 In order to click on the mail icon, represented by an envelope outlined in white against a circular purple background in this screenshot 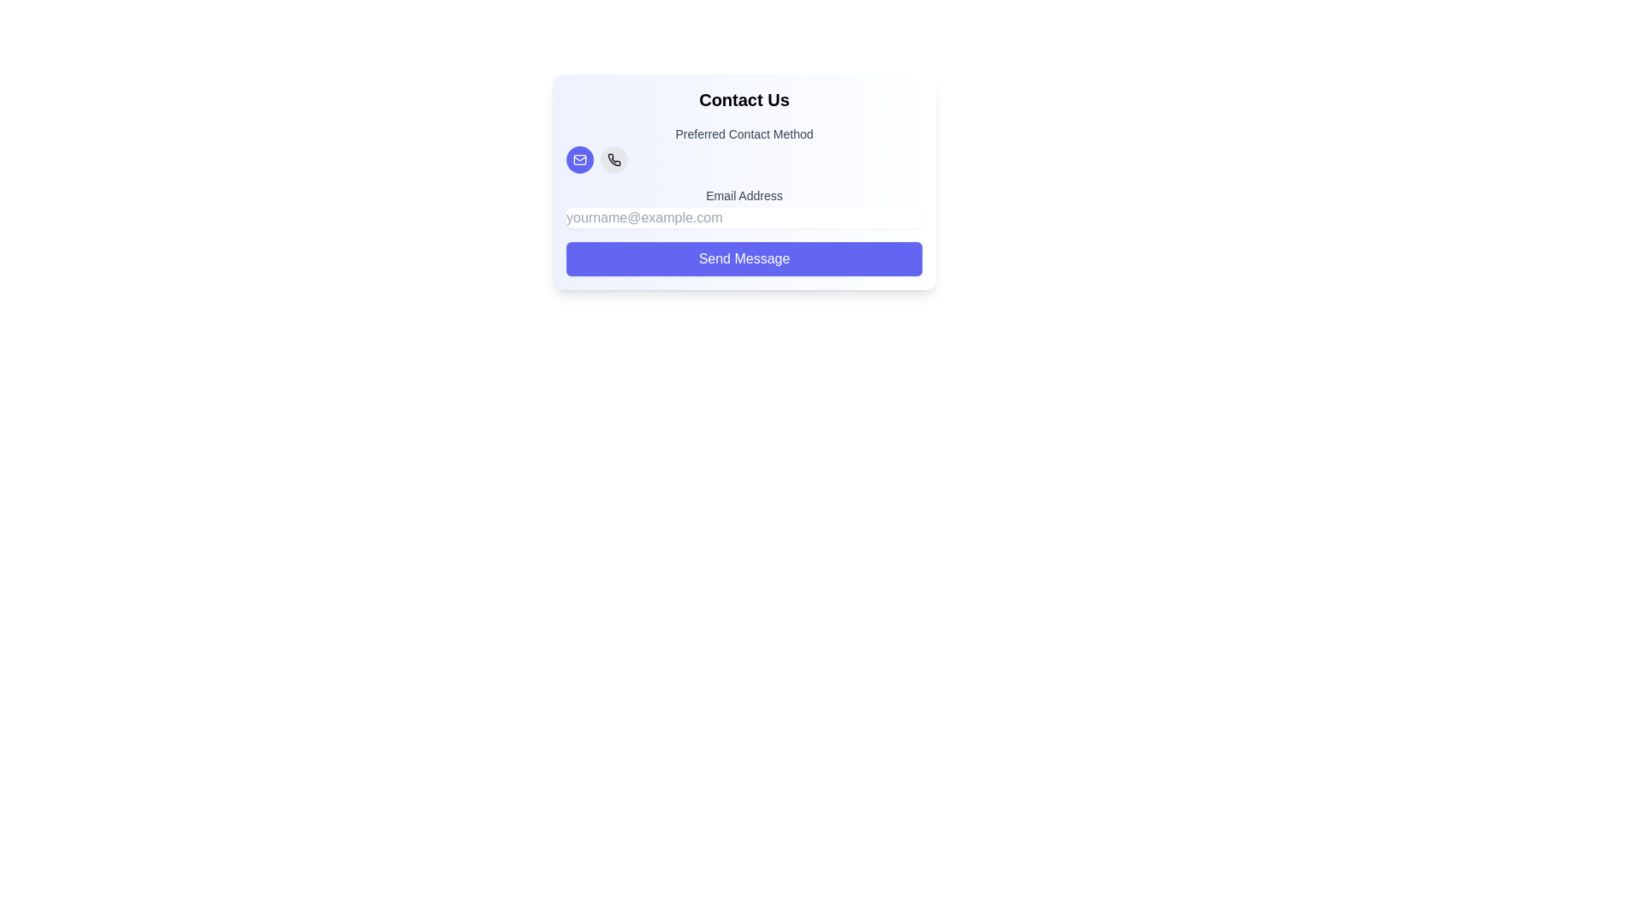, I will do `click(579, 159)`.